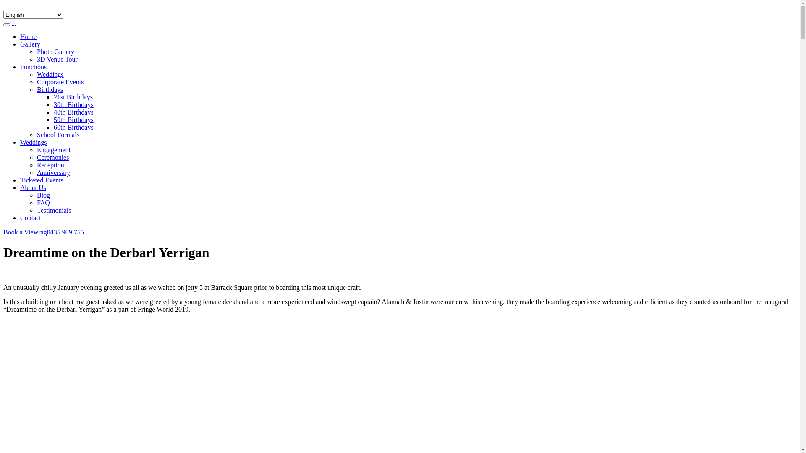 This screenshot has width=806, height=453. I want to click on 'Birthdays', so click(36, 89).